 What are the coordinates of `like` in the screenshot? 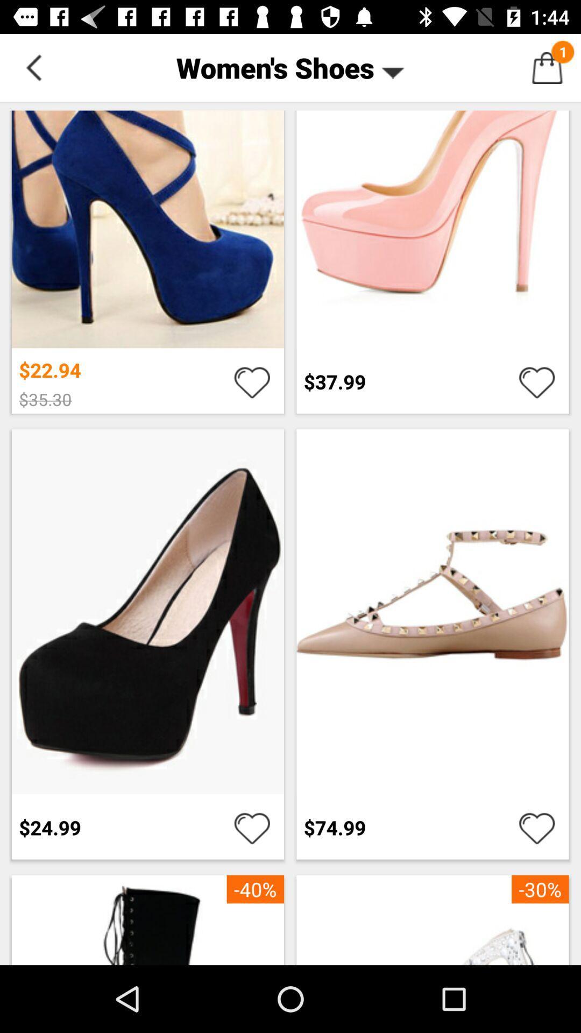 It's located at (537, 381).